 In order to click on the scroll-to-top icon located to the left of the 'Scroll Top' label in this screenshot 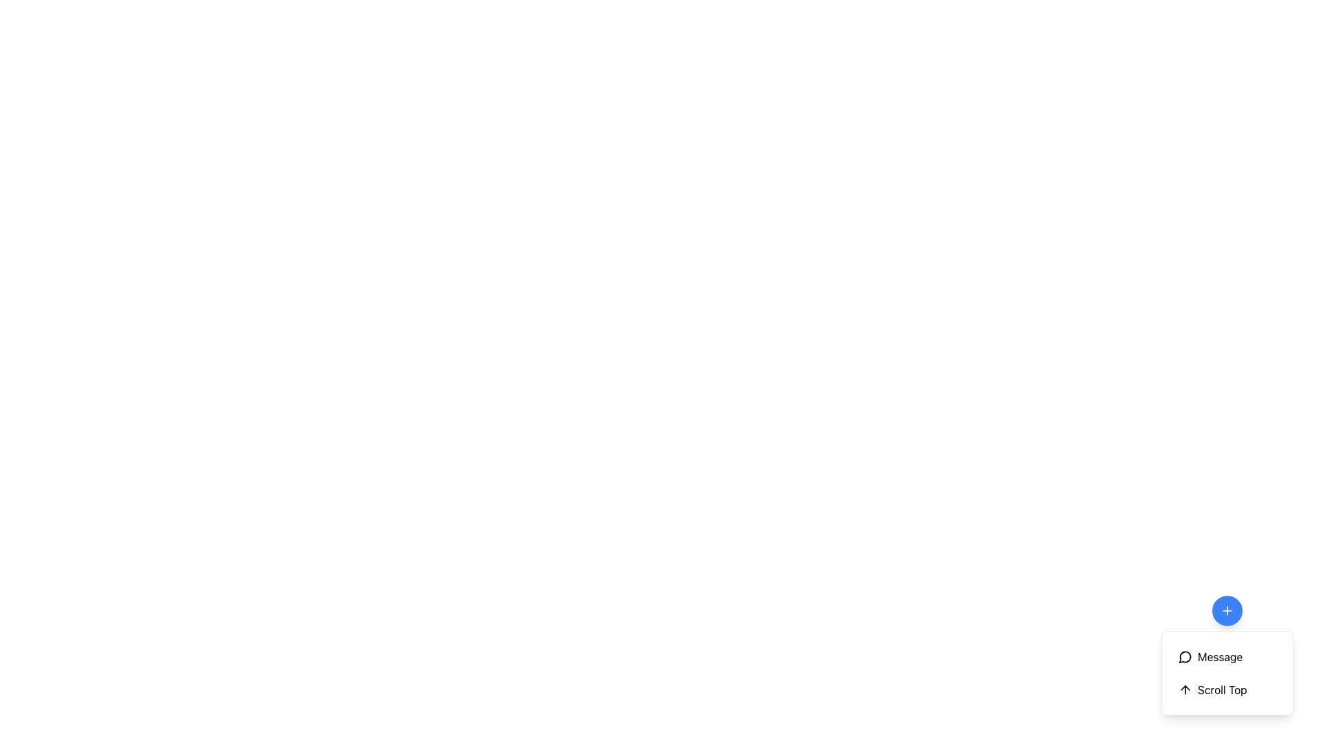, I will do `click(1185, 689)`.